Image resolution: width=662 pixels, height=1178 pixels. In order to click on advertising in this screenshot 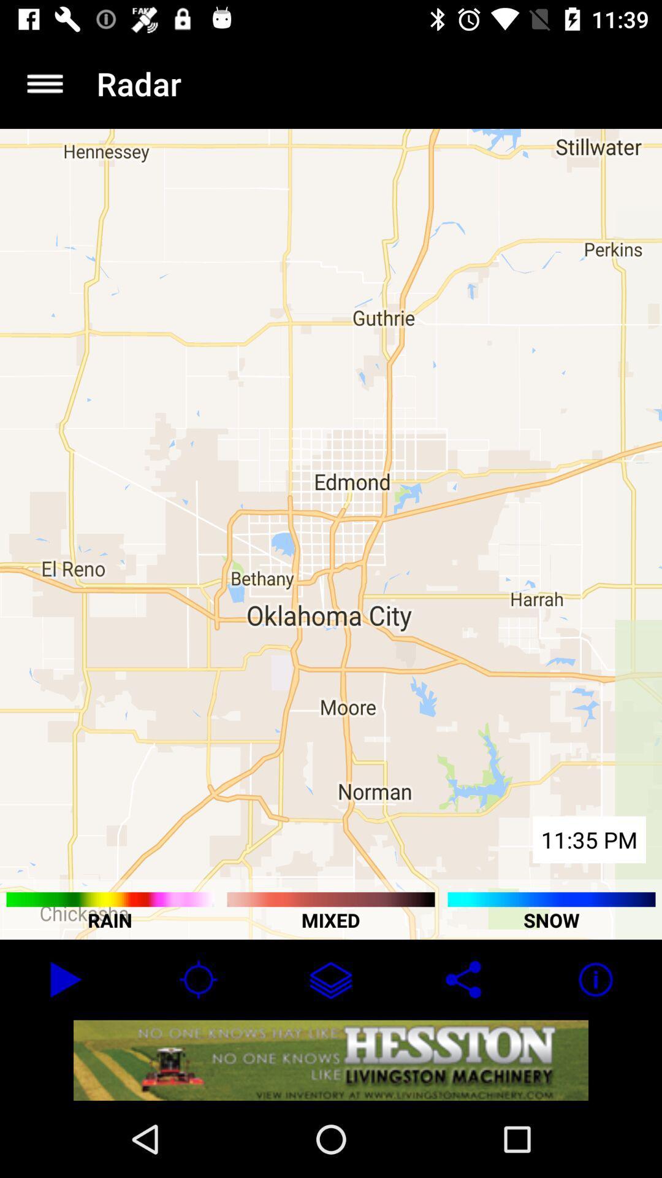, I will do `click(331, 1060)`.